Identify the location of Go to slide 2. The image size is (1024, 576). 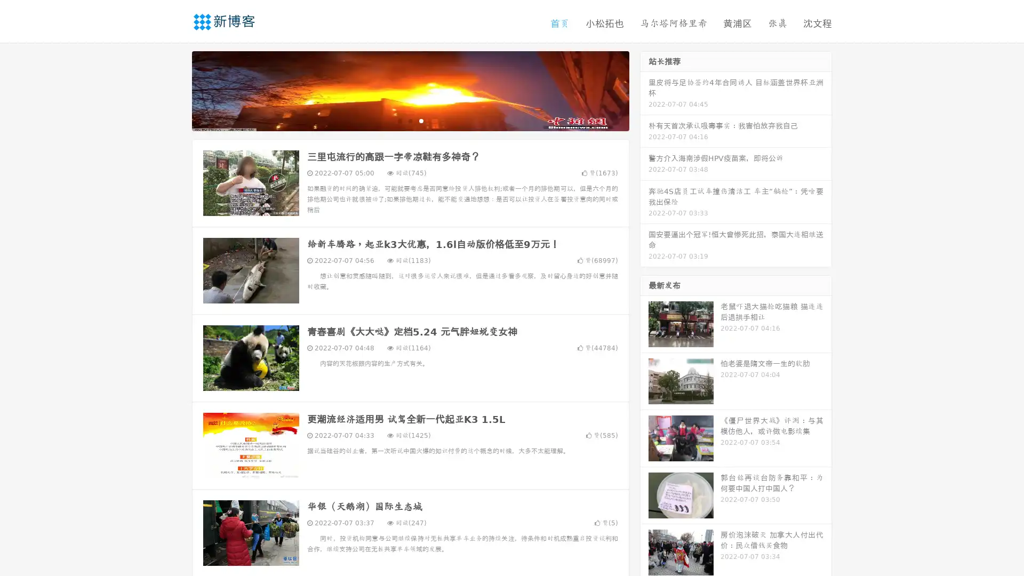
(410, 120).